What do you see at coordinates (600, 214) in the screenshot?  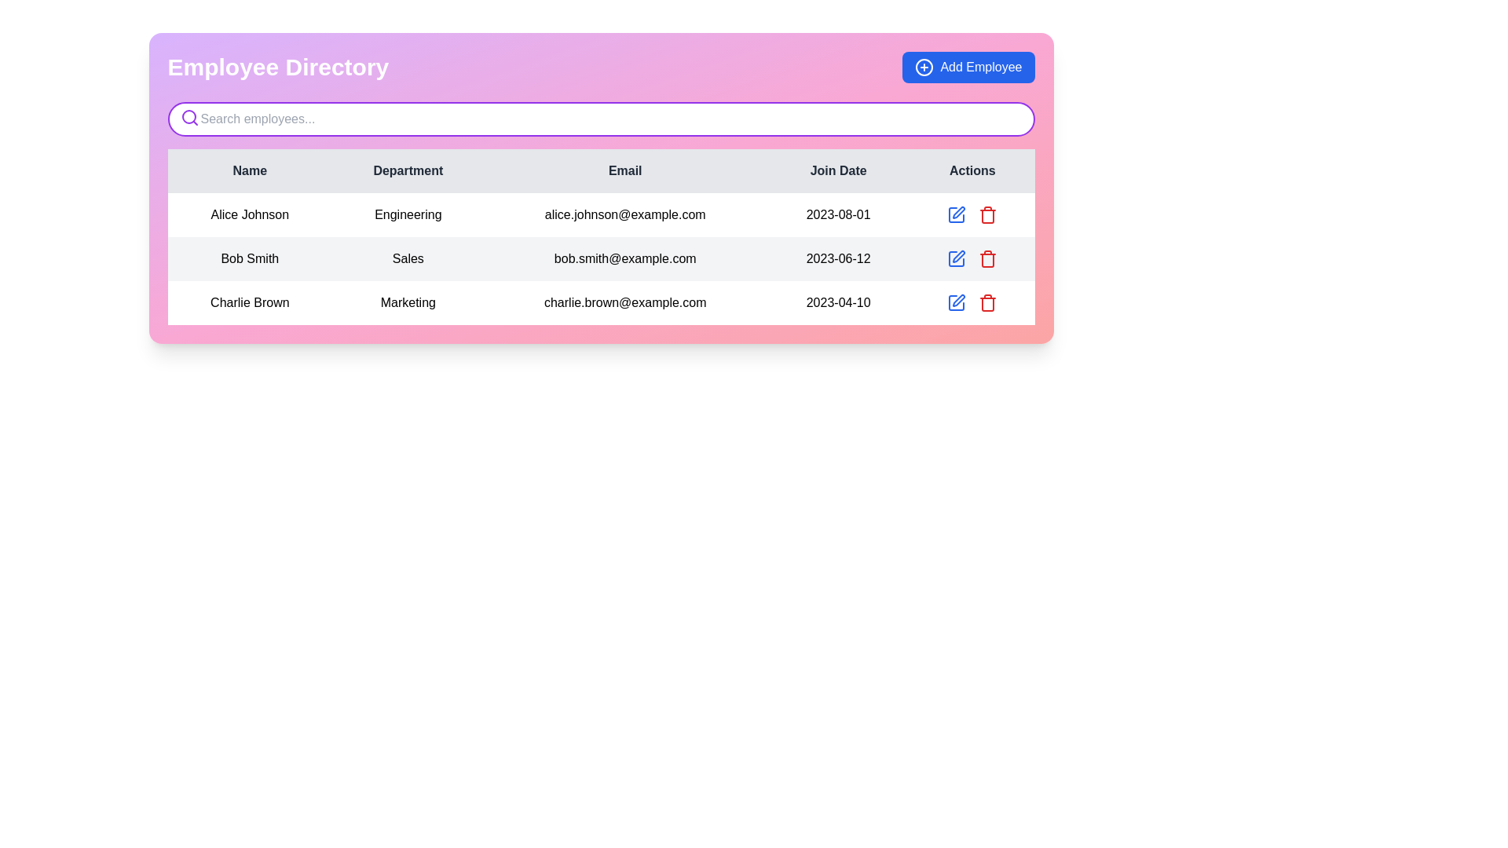 I see `information presented in the employee directory table row for 'Alice Johnson', which includes her name, department, email address, and joining date` at bounding box center [600, 214].